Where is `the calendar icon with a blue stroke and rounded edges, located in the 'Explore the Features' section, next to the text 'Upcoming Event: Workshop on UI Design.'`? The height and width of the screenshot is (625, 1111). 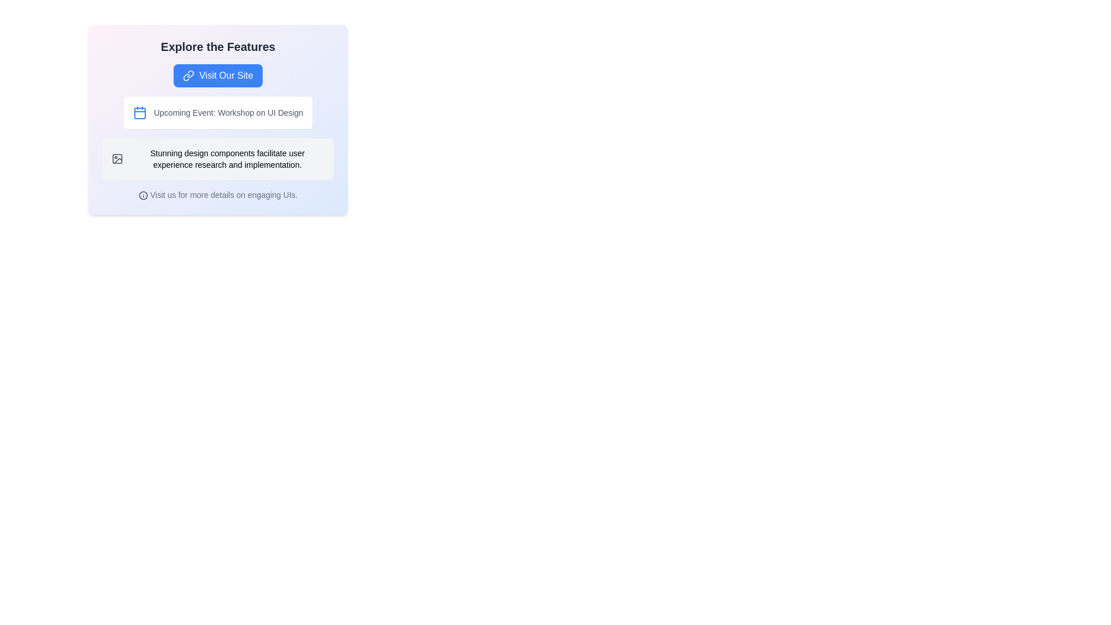
the calendar icon with a blue stroke and rounded edges, located in the 'Explore the Features' section, next to the text 'Upcoming Event: Workshop on UI Design.' is located at coordinates (139, 113).